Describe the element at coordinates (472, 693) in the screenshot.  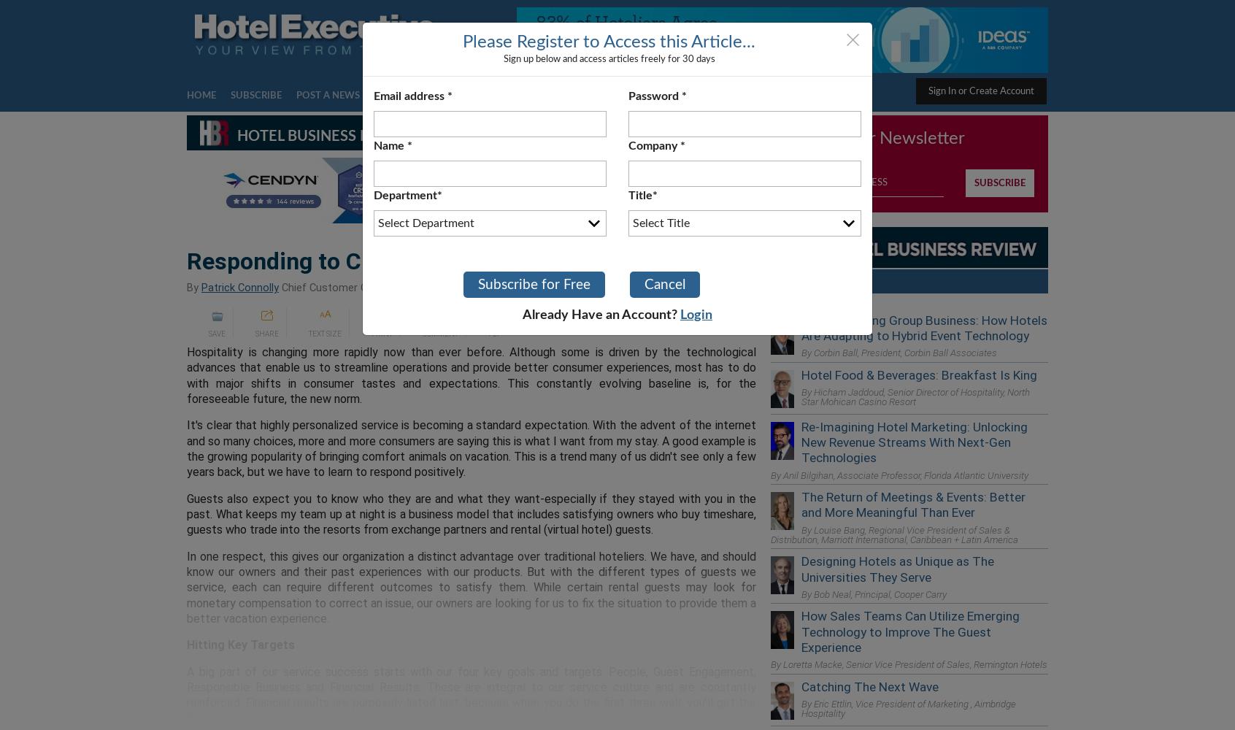
I see `'A big part of our service success starts with our four key goals and targets: People, Guest Engagement, Responsible Business and Financial Results. These are integral to our service culture and are constantly reinforced. Financial results are purposely listed last, because when you do the first three well, you'll get the financial results you expect.'` at that location.